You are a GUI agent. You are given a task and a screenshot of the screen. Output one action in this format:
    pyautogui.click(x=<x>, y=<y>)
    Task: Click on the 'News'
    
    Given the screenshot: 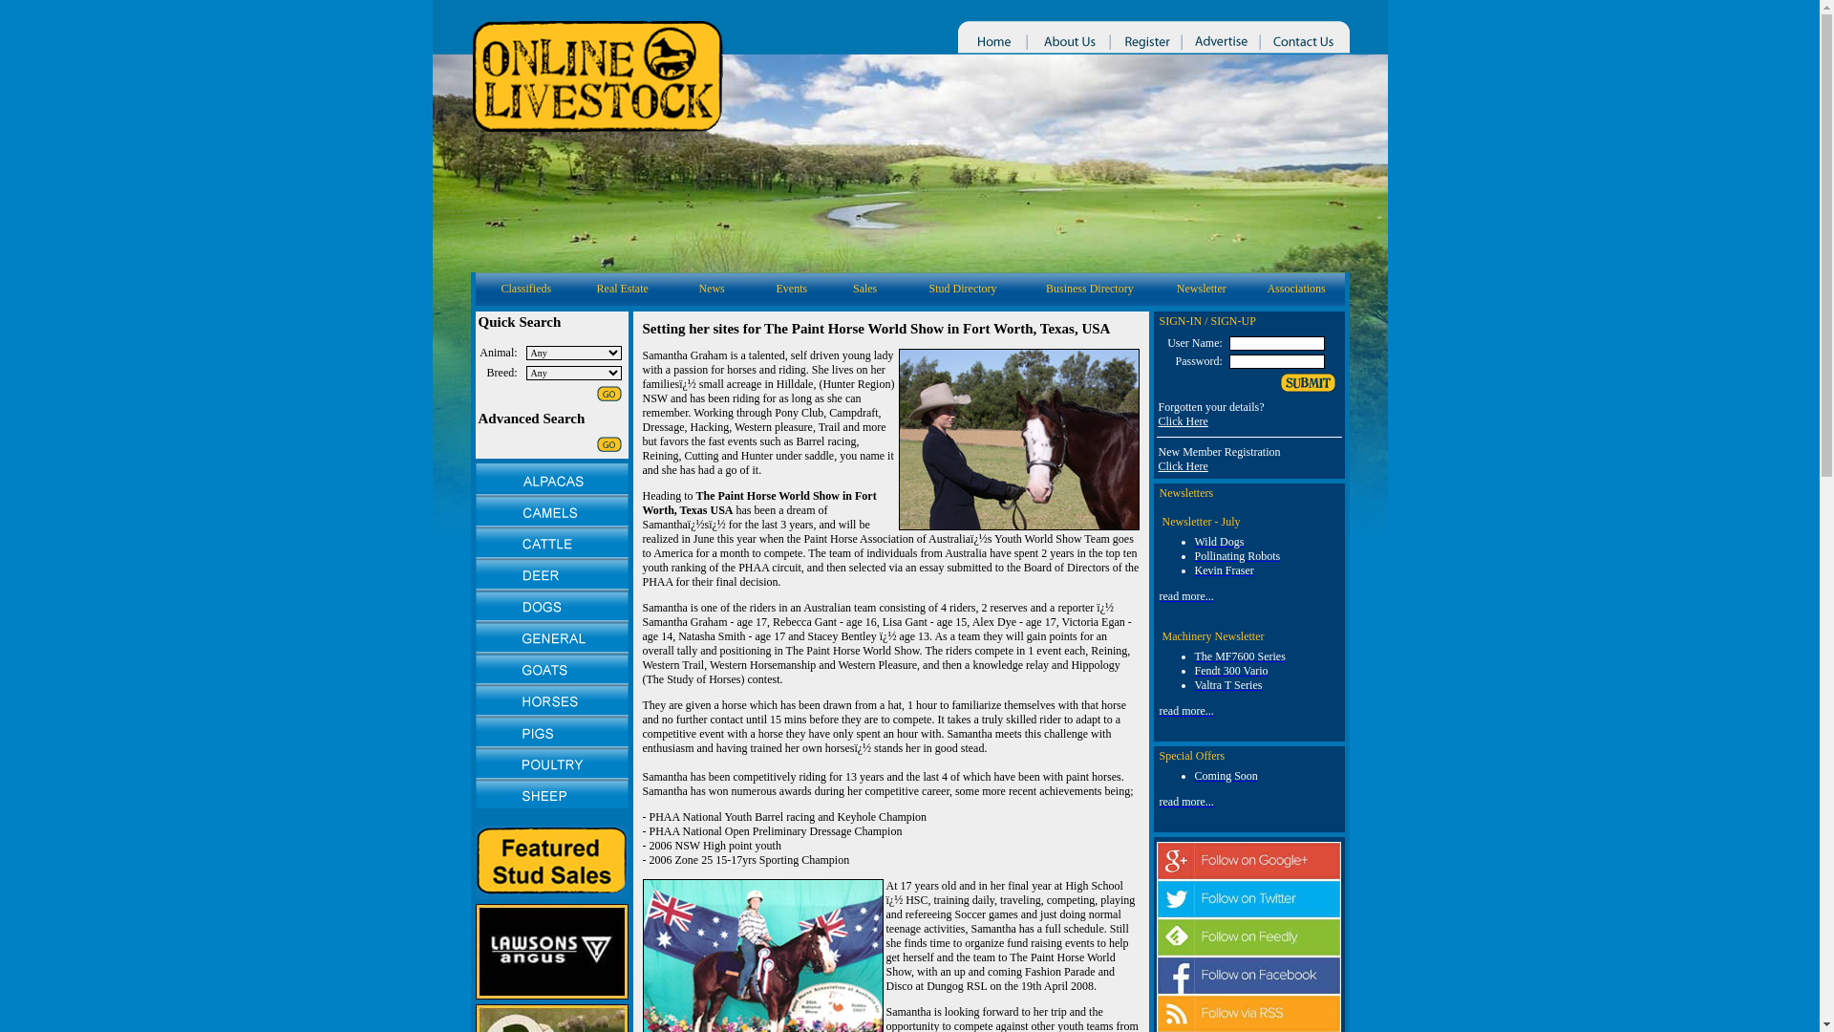 What is the action you would take?
    pyautogui.click(x=710, y=288)
    